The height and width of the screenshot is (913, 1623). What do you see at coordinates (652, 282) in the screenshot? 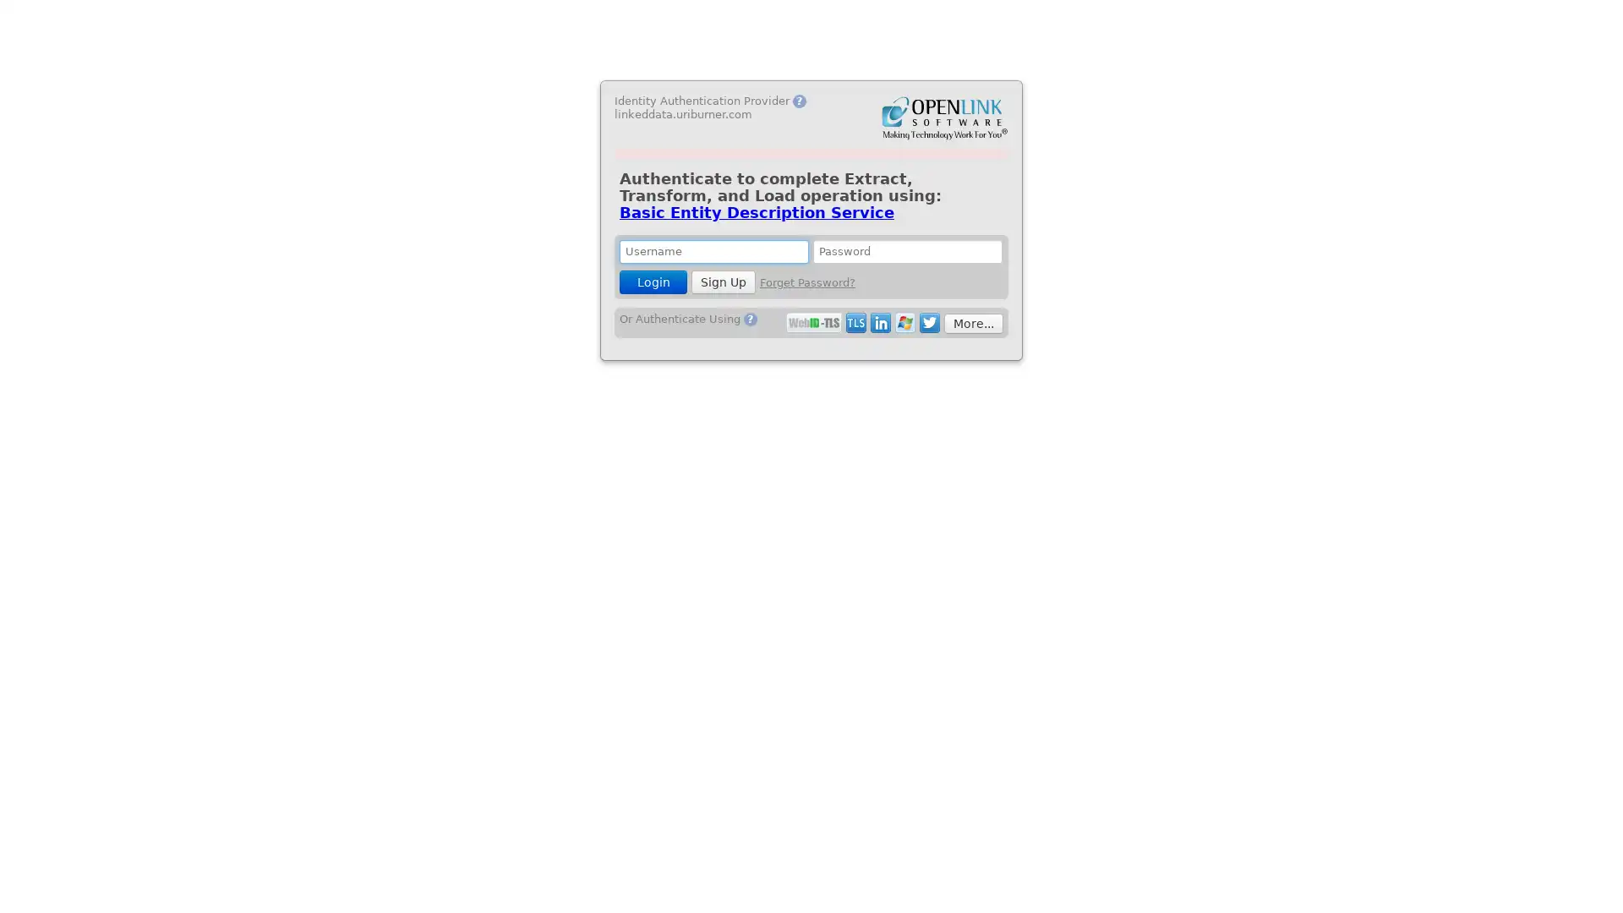
I see `Login` at bounding box center [652, 282].